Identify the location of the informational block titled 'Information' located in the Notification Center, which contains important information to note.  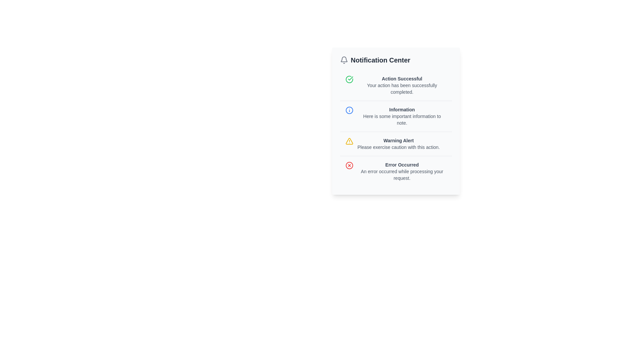
(402, 116).